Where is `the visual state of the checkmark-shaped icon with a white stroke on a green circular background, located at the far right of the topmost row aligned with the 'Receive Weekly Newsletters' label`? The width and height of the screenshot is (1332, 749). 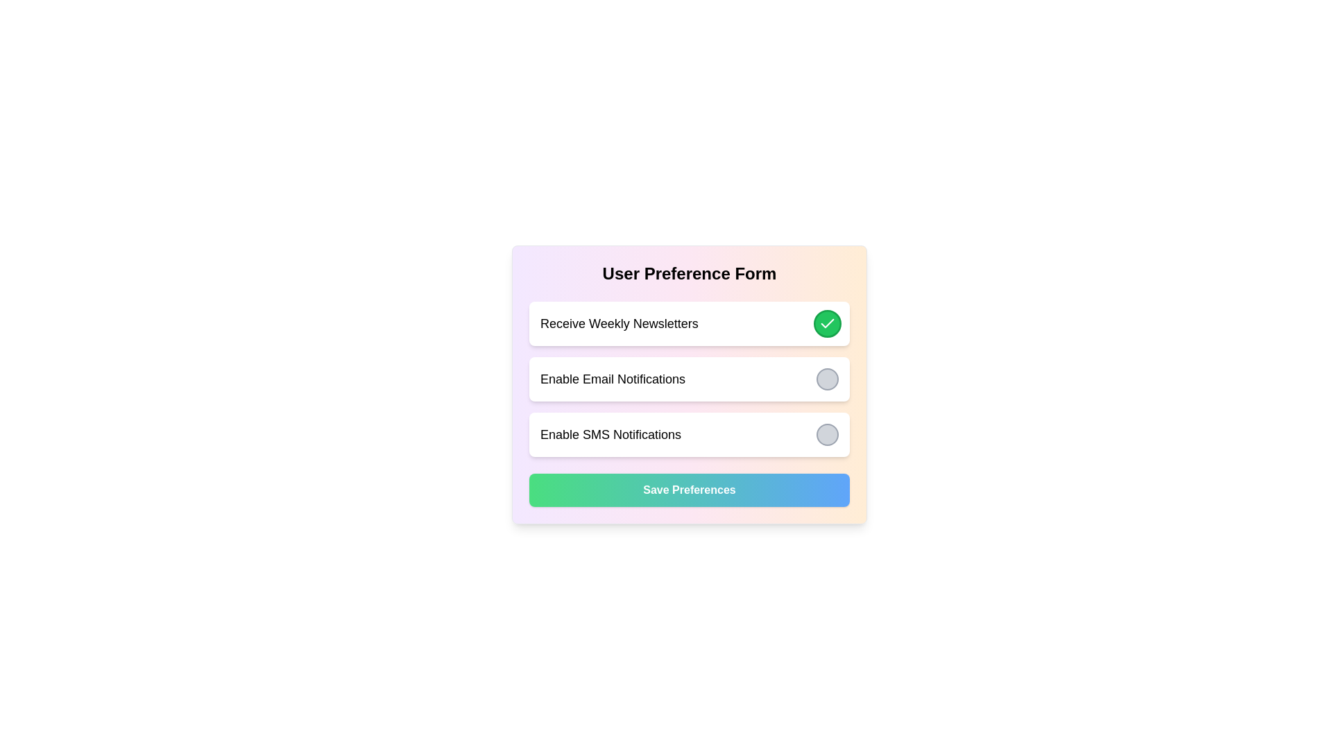 the visual state of the checkmark-shaped icon with a white stroke on a green circular background, located at the far right of the topmost row aligned with the 'Receive Weekly Newsletters' label is located at coordinates (828, 323).